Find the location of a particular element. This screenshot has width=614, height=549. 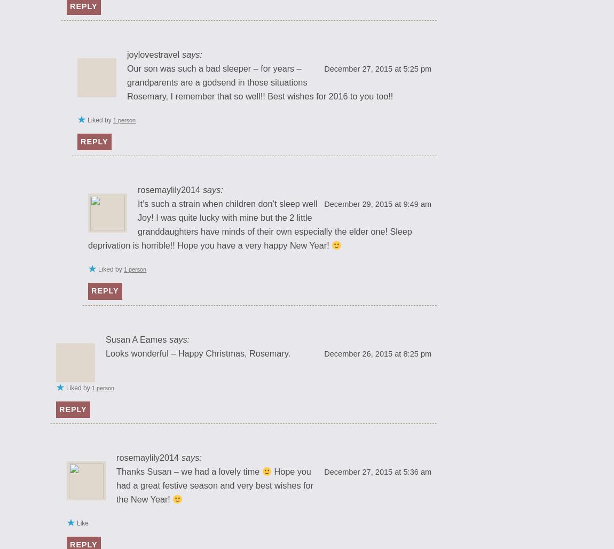

'joylovestravel' is located at coordinates (127, 53).